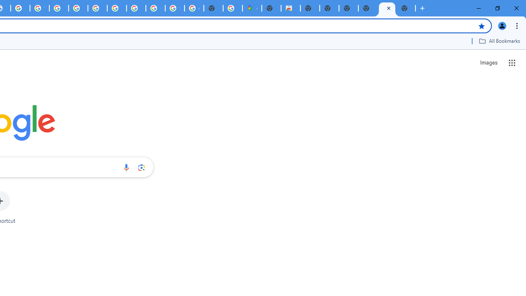 This screenshot has width=526, height=296. Describe the element at coordinates (126, 167) in the screenshot. I see `'Search by voice'` at that location.